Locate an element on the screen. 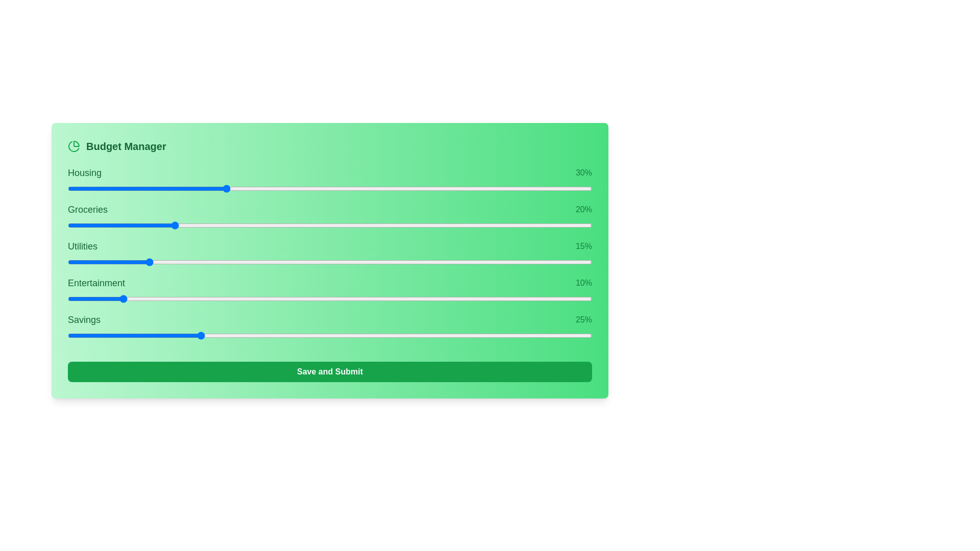 The width and height of the screenshot is (980, 551). the slider for 0 to 21% allocation is located at coordinates (384, 189).